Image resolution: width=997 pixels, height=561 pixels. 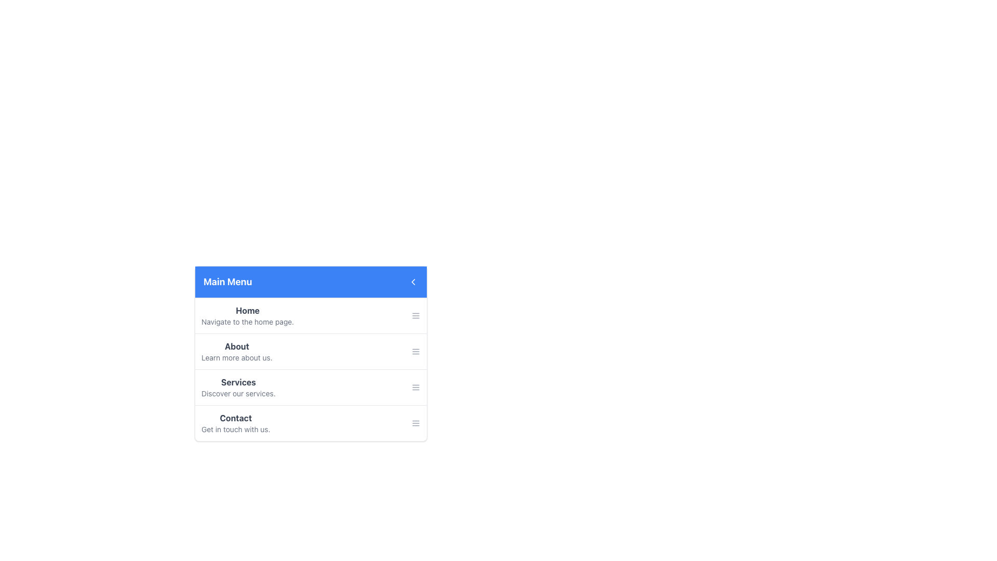 I want to click on information from the 'About' Text Label, which is the second row in the navigation list located between 'Home' and 'Services', so click(x=236, y=351).